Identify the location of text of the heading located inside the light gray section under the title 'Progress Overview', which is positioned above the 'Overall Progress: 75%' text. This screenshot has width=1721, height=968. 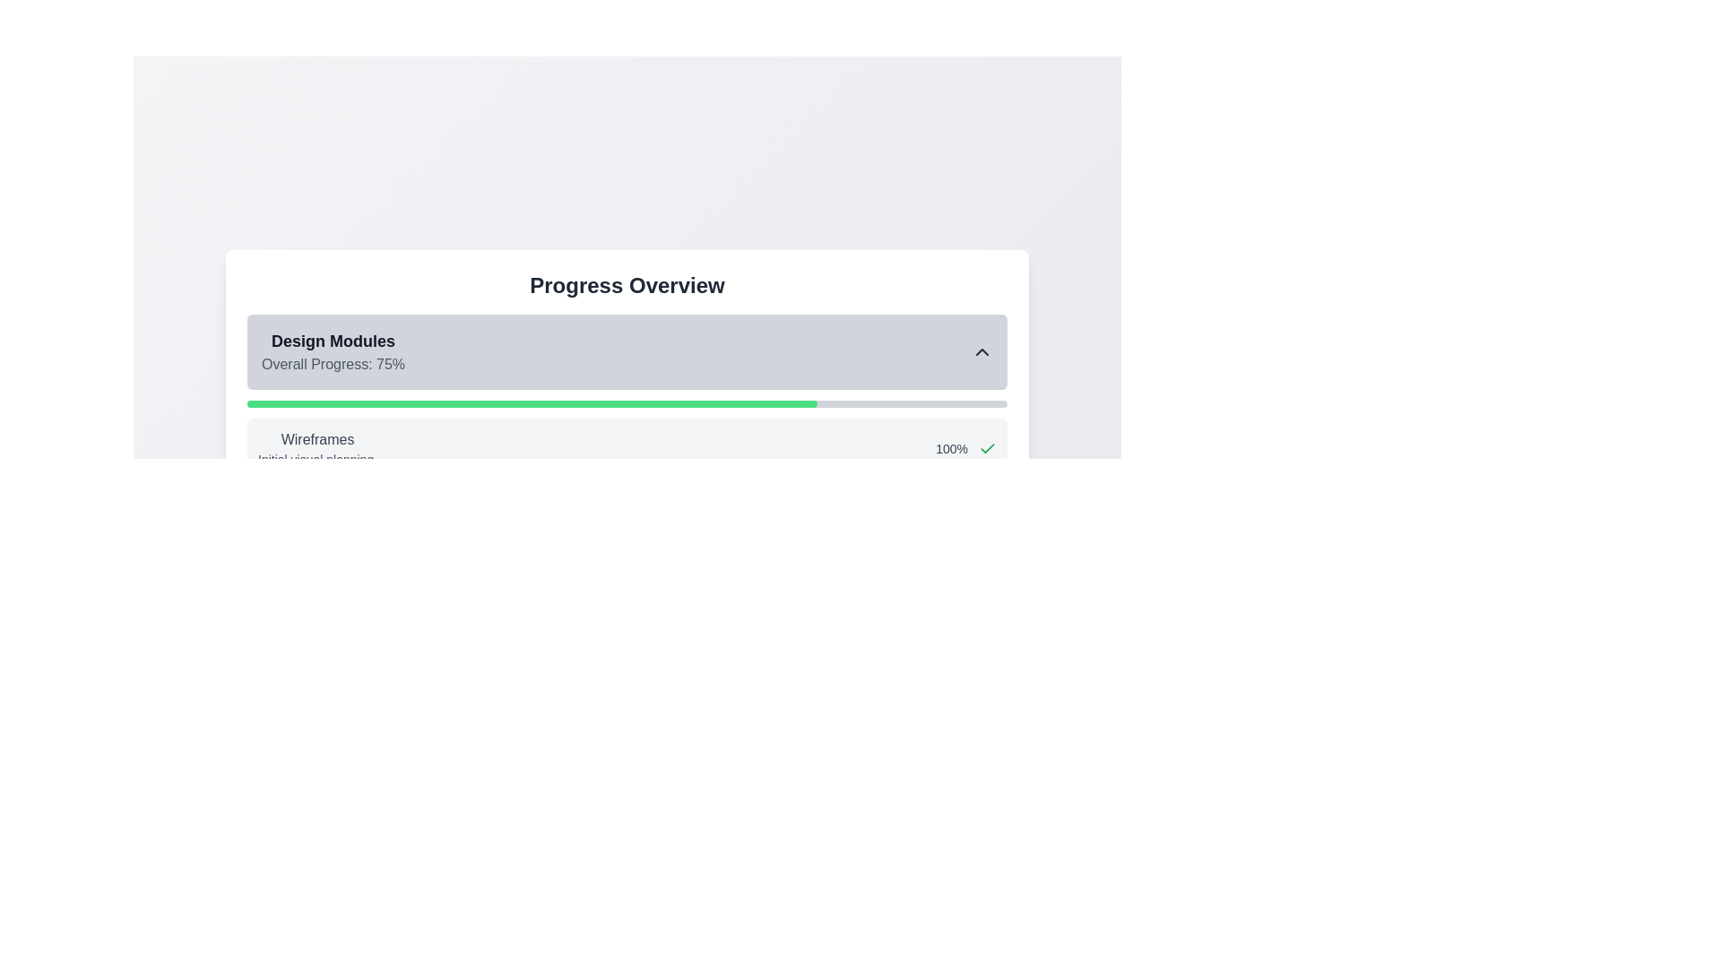
(333, 341).